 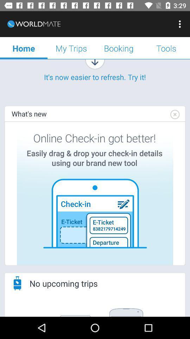 I want to click on app next to the my trips icon, so click(x=24, y=48).